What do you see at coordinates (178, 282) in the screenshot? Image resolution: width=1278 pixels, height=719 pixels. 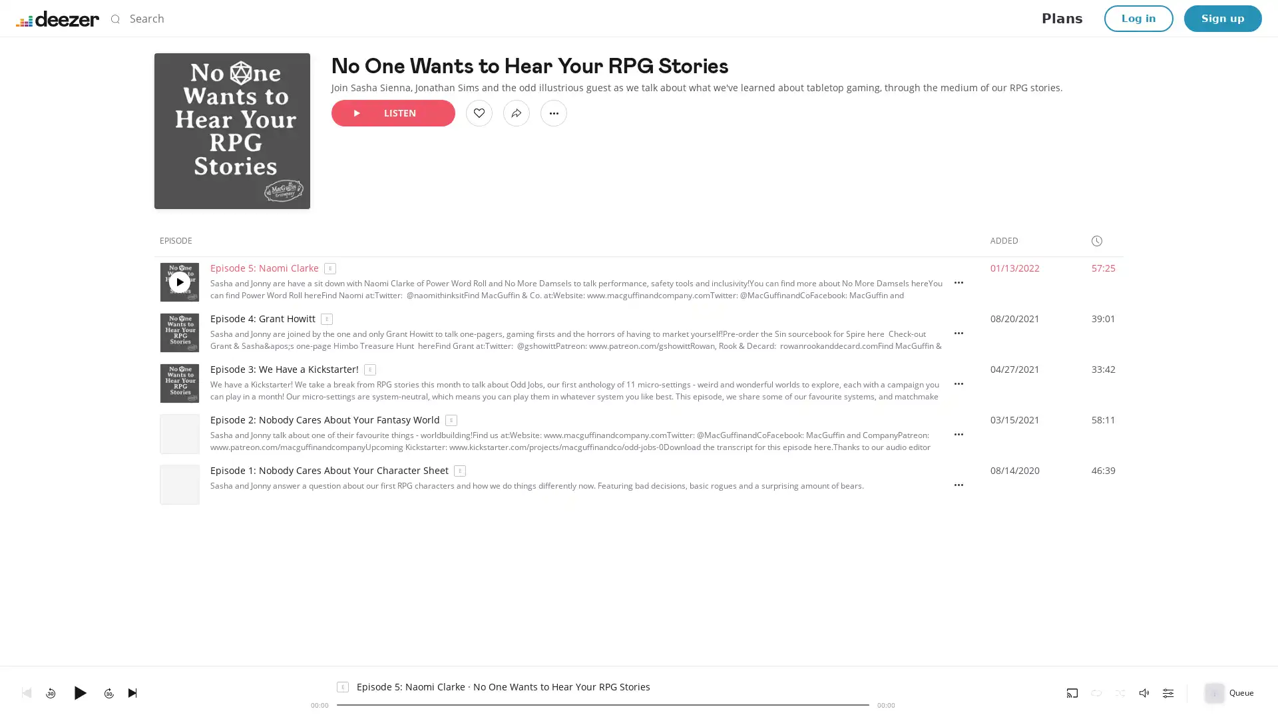 I see `Play Episode 5: Naomi Clarke by No One Wants to Hear Your RPG Stories` at bounding box center [178, 282].